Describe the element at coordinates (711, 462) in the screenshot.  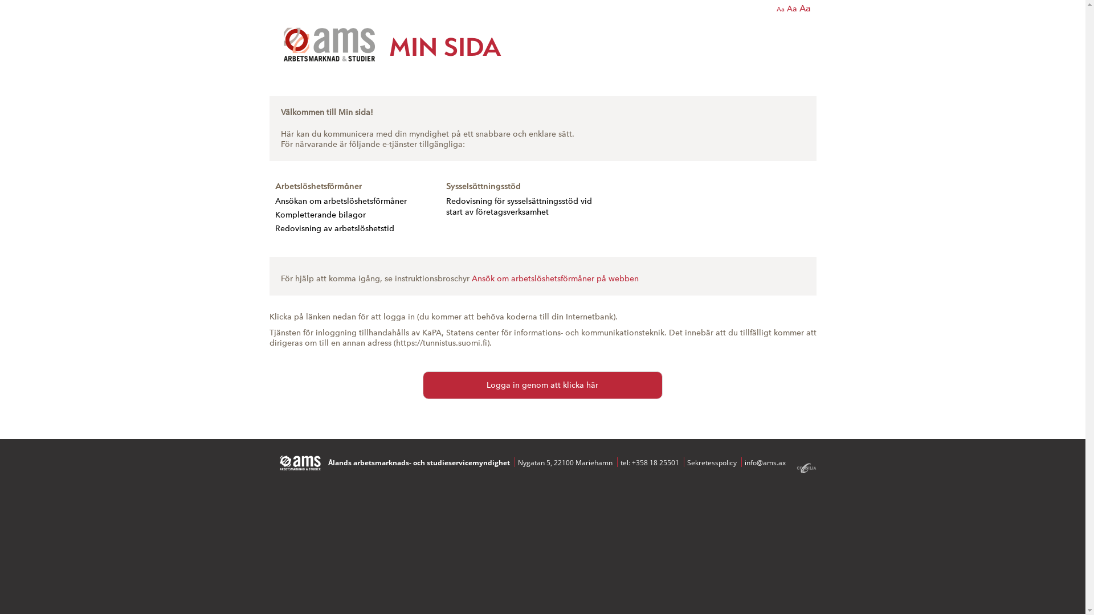
I see `'Sekretesspolicy'` at that location.